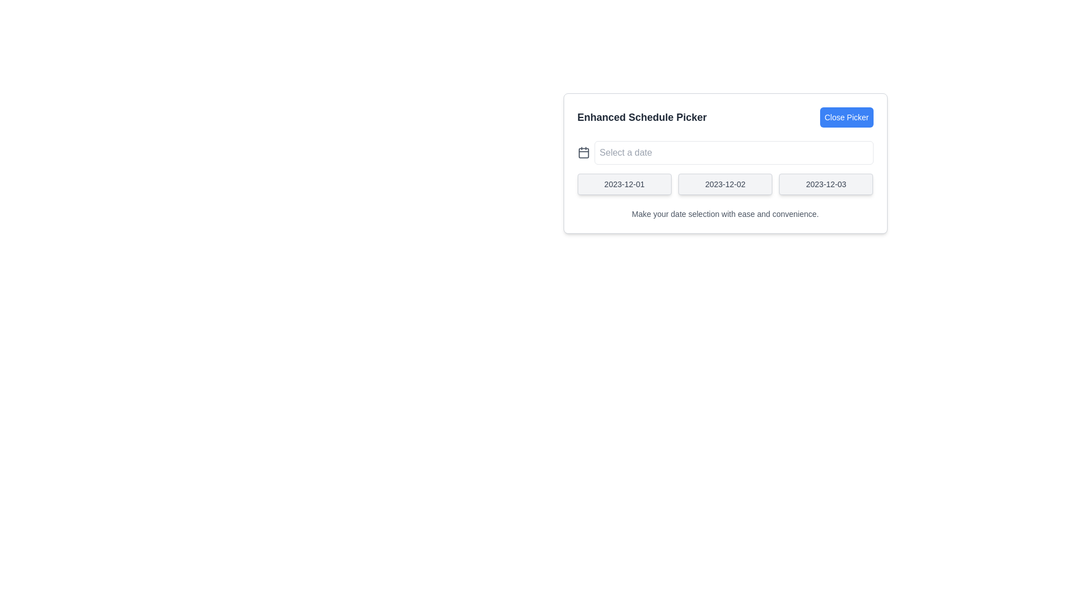 Image resolution: width=1080 pixels, height=607 pixels. I want to click on the calendar icon, which is a gray outlined button with a rounded shape, featuring a simplified calendar grid and two vertical lines at the top, so click(583, 153).